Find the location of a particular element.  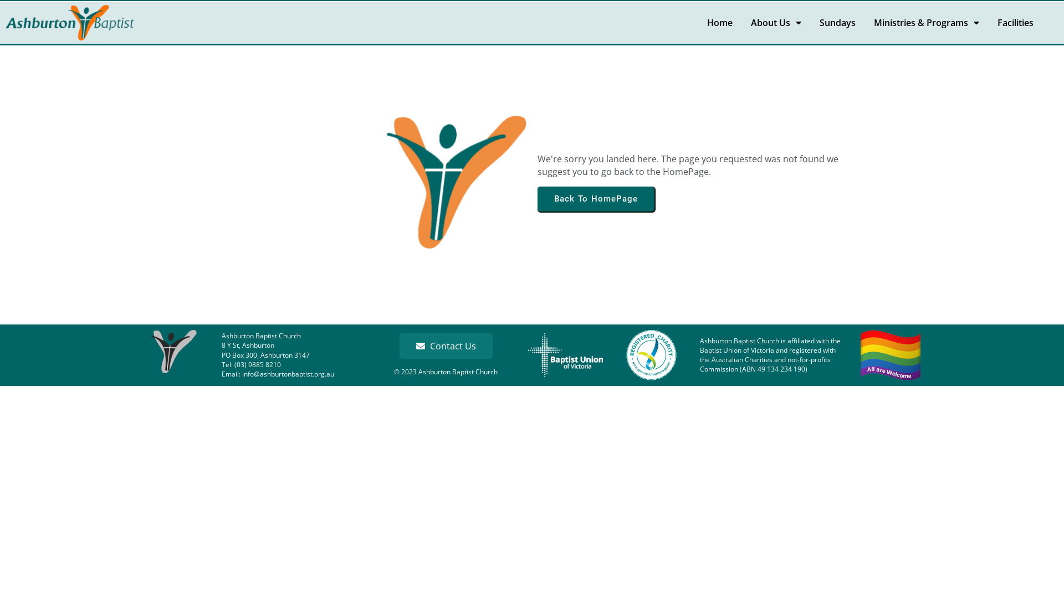

'ACNC' is located at coordinates (651, 355).